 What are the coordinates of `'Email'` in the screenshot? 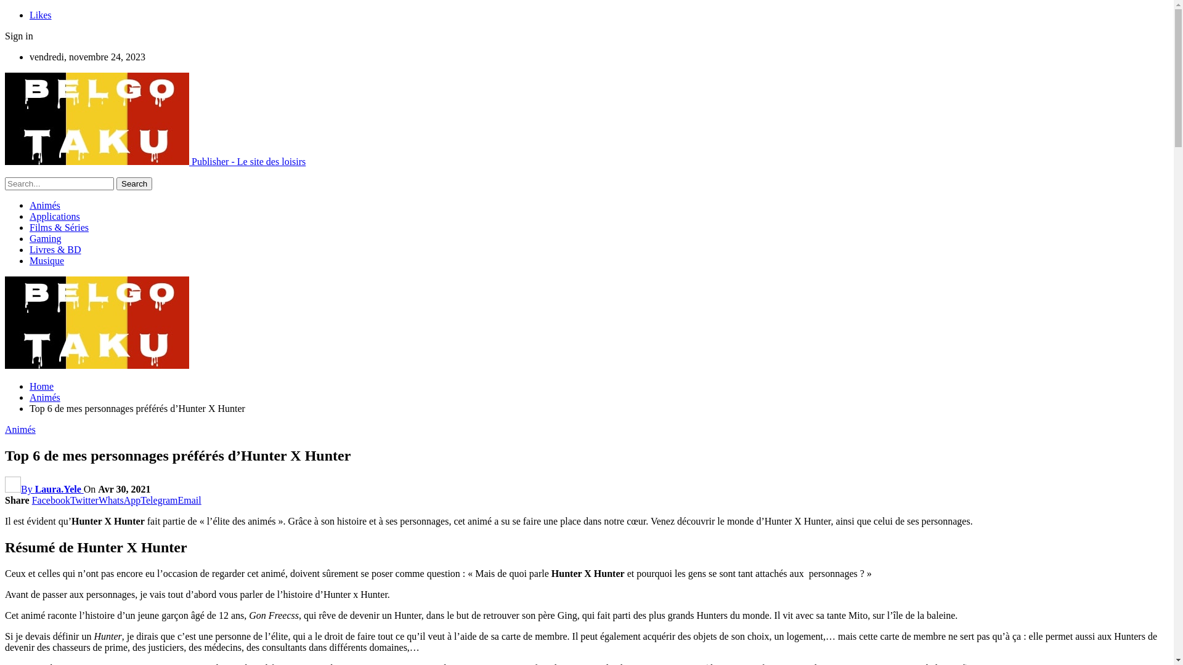 It's located at (177, 500).